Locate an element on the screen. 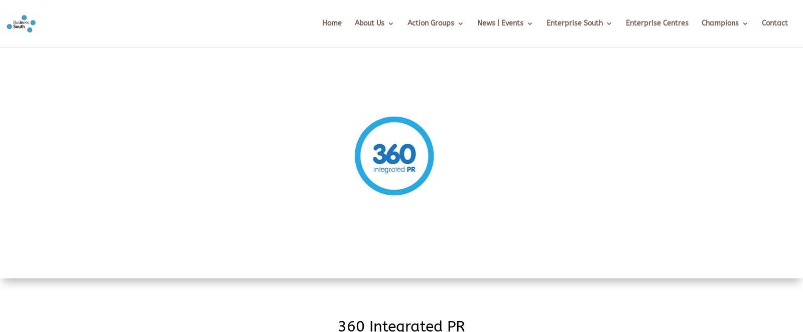  'Champion Area' is located at coordinates (747, 88).